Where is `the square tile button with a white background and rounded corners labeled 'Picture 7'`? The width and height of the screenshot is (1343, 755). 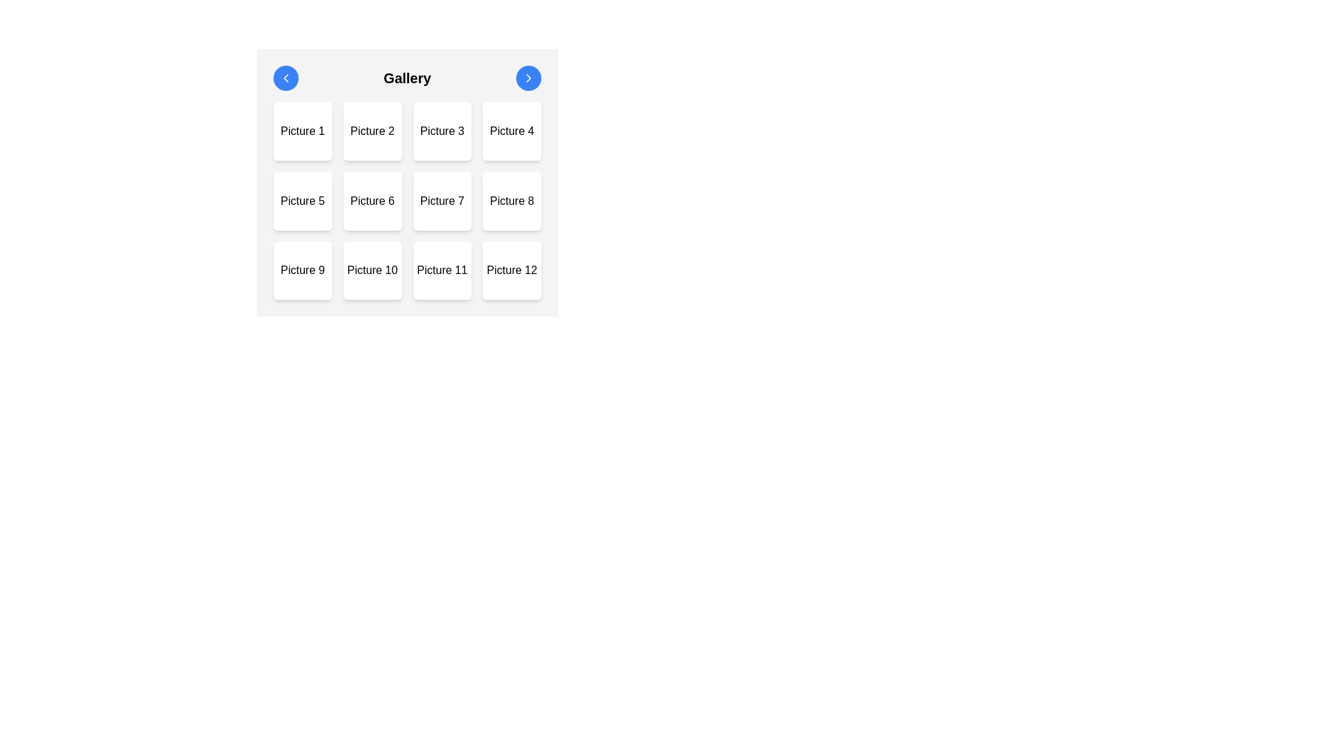 the square tile button with a white background and rounded corners labeled 'Picture 7' is located at coordinates (441, 201).